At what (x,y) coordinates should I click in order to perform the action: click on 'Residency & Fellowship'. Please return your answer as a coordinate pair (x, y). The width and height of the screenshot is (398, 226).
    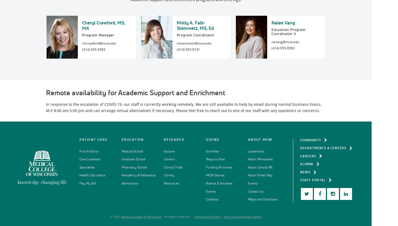
    Looking at the image, I should click on (138, 175).